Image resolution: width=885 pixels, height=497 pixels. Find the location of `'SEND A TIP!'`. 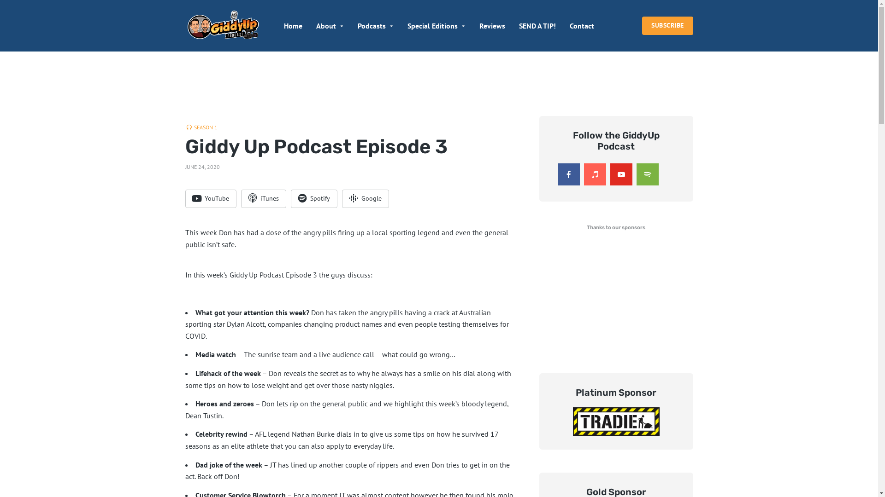

'SEND A TIP!' is located at coordinates (537, 25).